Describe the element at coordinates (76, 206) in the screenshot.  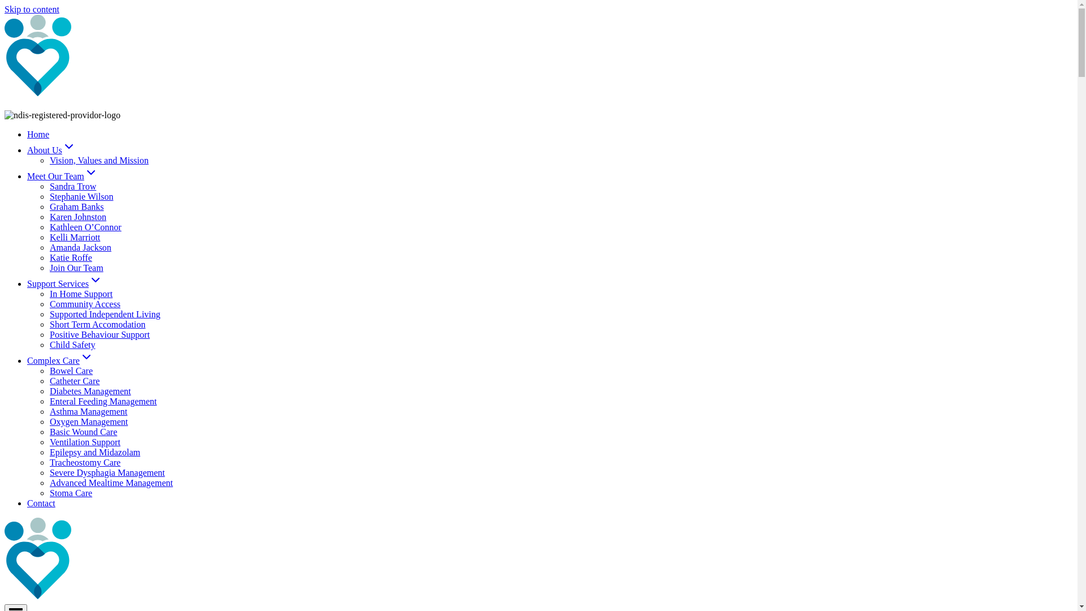
I see `'Graham Banks'` at that location.